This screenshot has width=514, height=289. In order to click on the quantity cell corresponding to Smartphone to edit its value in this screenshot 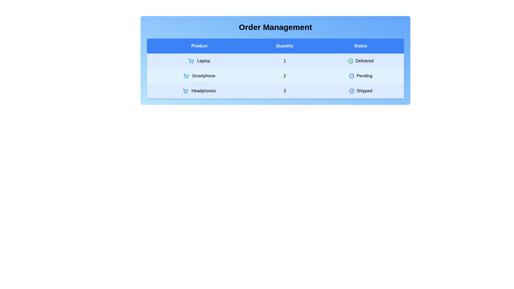, I will do `click(284, 76)`.